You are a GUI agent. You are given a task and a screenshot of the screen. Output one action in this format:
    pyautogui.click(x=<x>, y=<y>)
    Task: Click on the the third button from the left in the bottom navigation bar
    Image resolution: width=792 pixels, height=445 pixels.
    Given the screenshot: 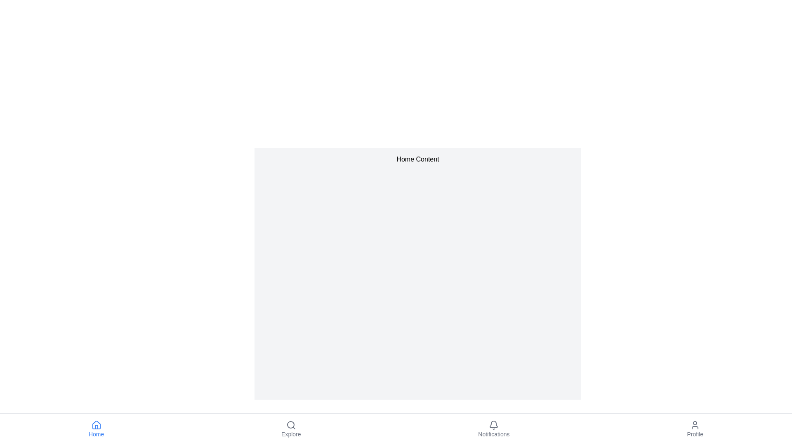 What is the action you would take?
    pyautogui.click(x=494, y=429)
    